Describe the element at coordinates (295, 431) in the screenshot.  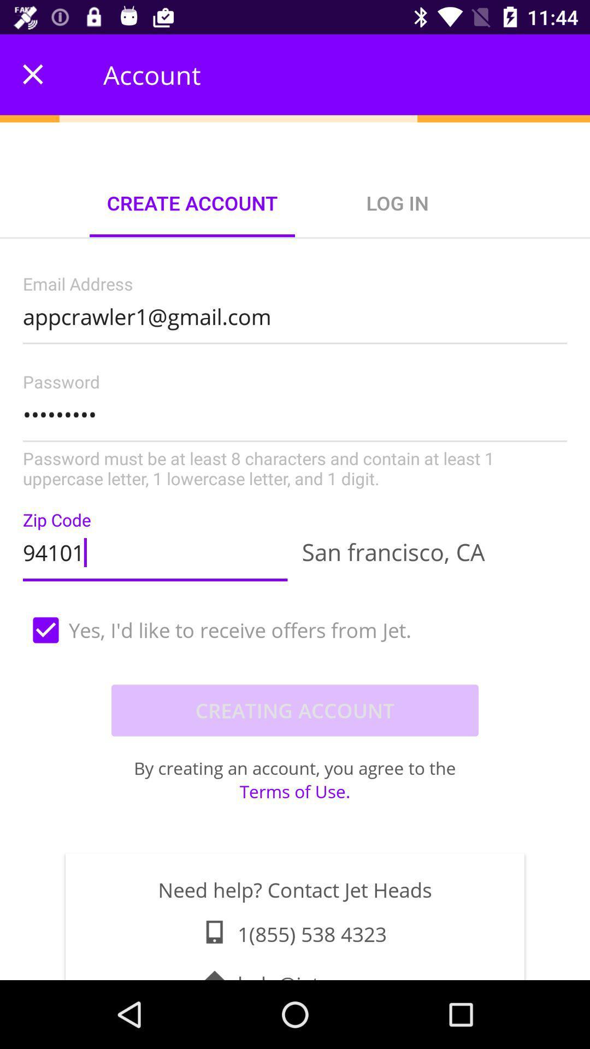
I see `the crowd3116` at that location.